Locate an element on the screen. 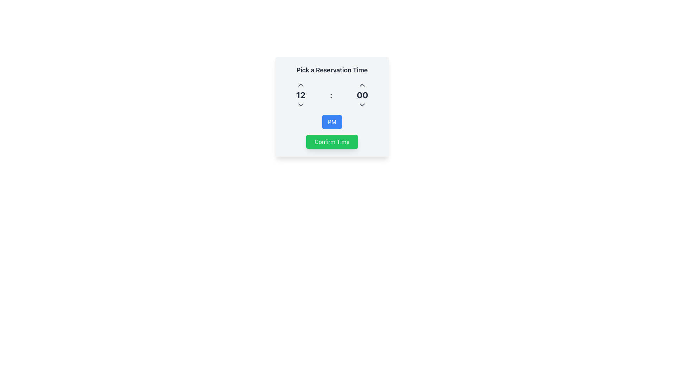 Image resolution: width=682 pixels, height=383 pixels. the confirmation button located at the bottom center of the interface to confirm the selected time setting is located at coordinates (332, 142).